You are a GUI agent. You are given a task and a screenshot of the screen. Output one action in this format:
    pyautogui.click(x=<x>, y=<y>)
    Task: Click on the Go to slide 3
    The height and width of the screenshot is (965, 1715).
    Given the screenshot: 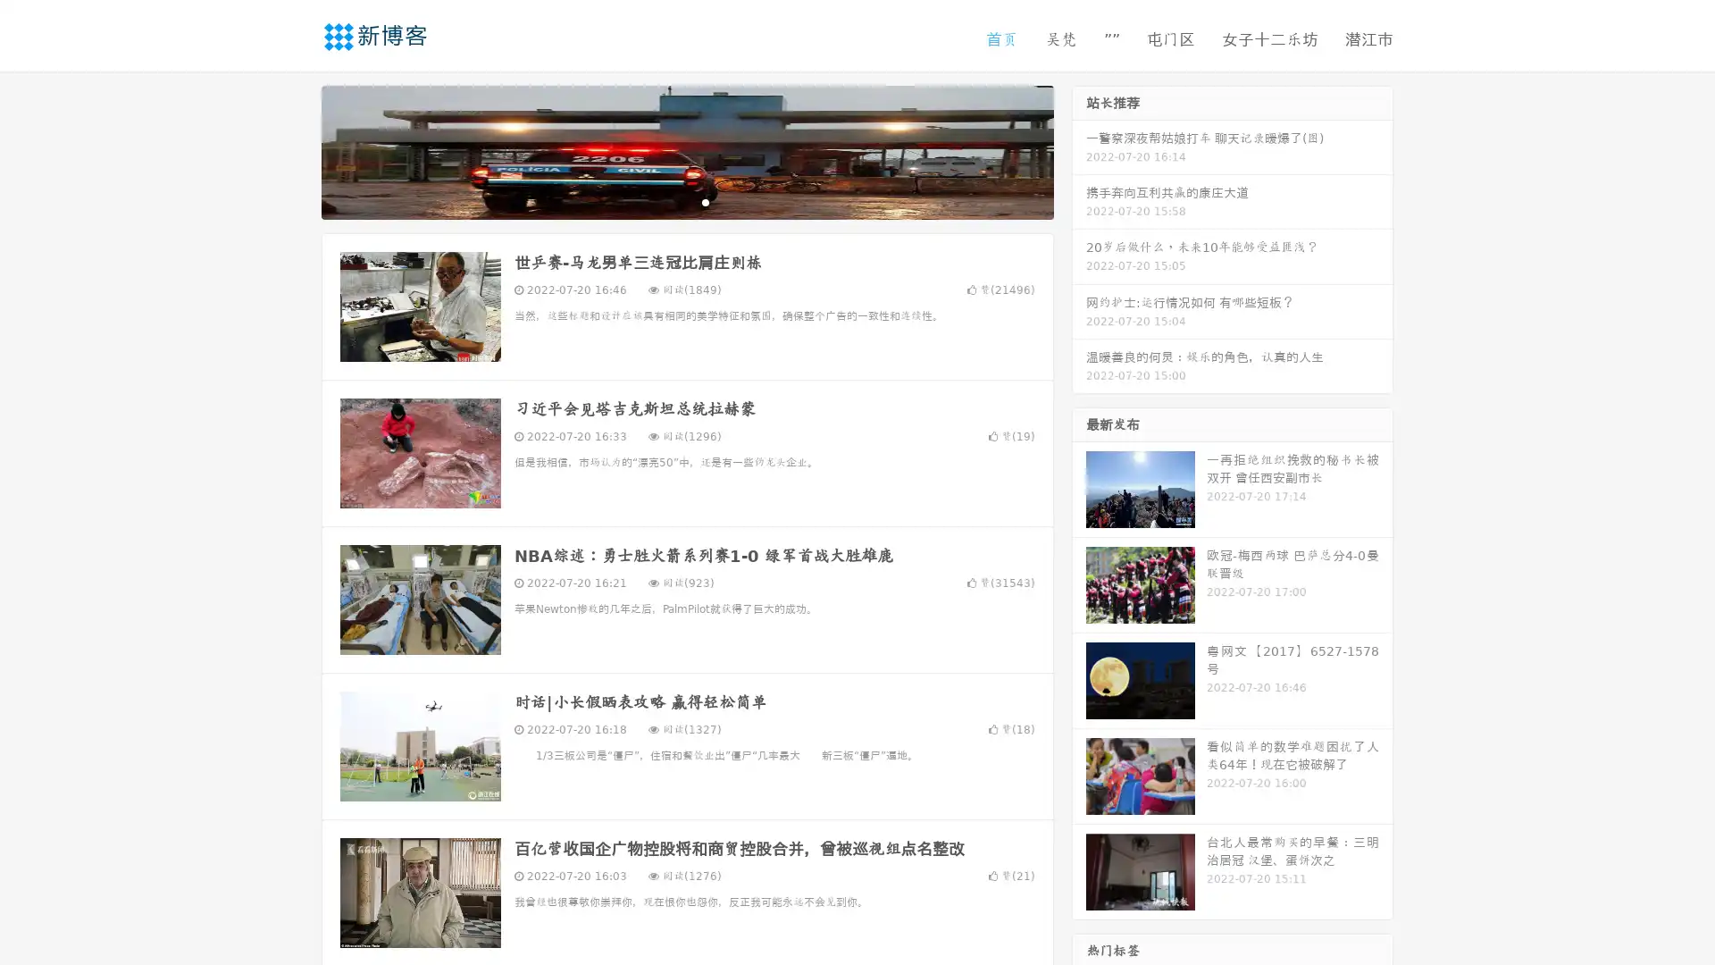 What is the action you would take?
    pyautogui.click(x=705, y=201)
    